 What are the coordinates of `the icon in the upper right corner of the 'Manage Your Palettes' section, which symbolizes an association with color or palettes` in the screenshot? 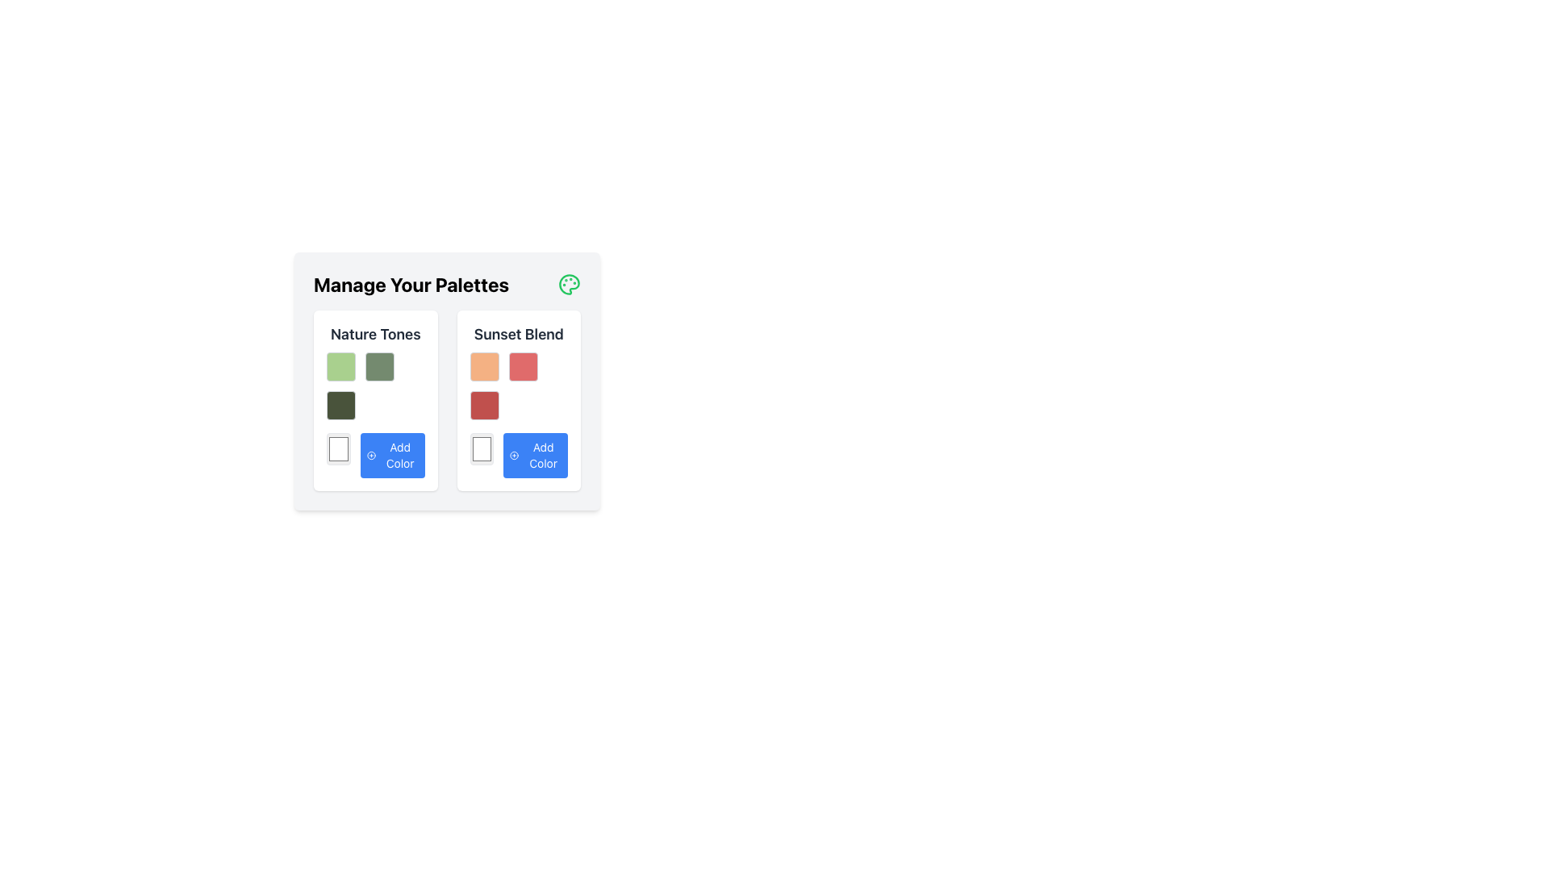 It's located at (569, 284).